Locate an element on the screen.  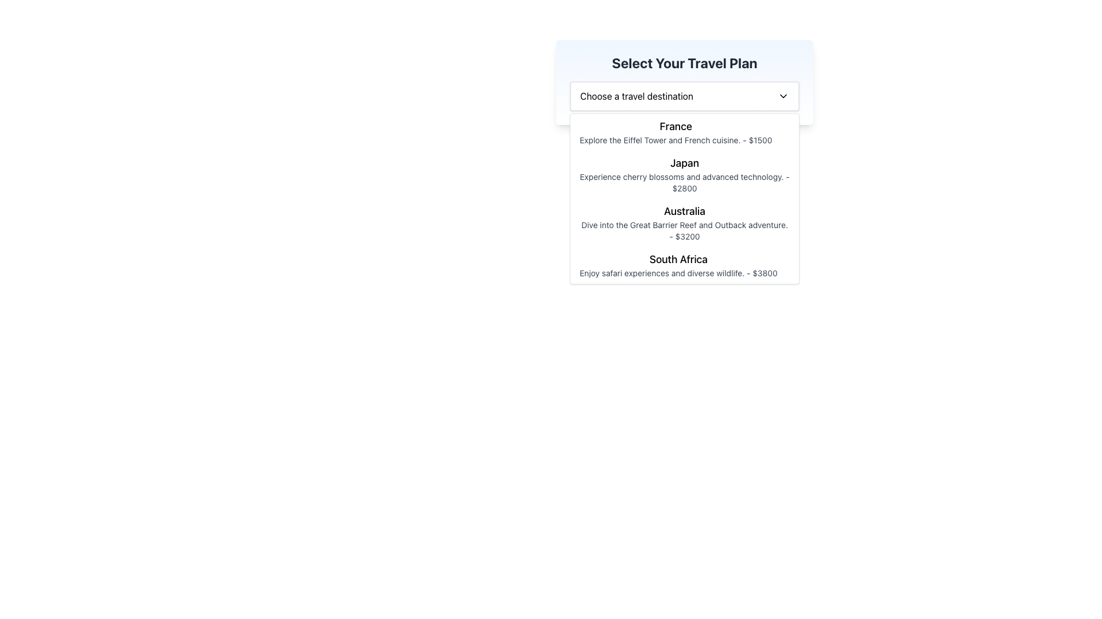
the second static text block in the dropdown menu that presents information about a travel destination, located below 'France' and above 'Australia' is located at coordinates (685, 174).